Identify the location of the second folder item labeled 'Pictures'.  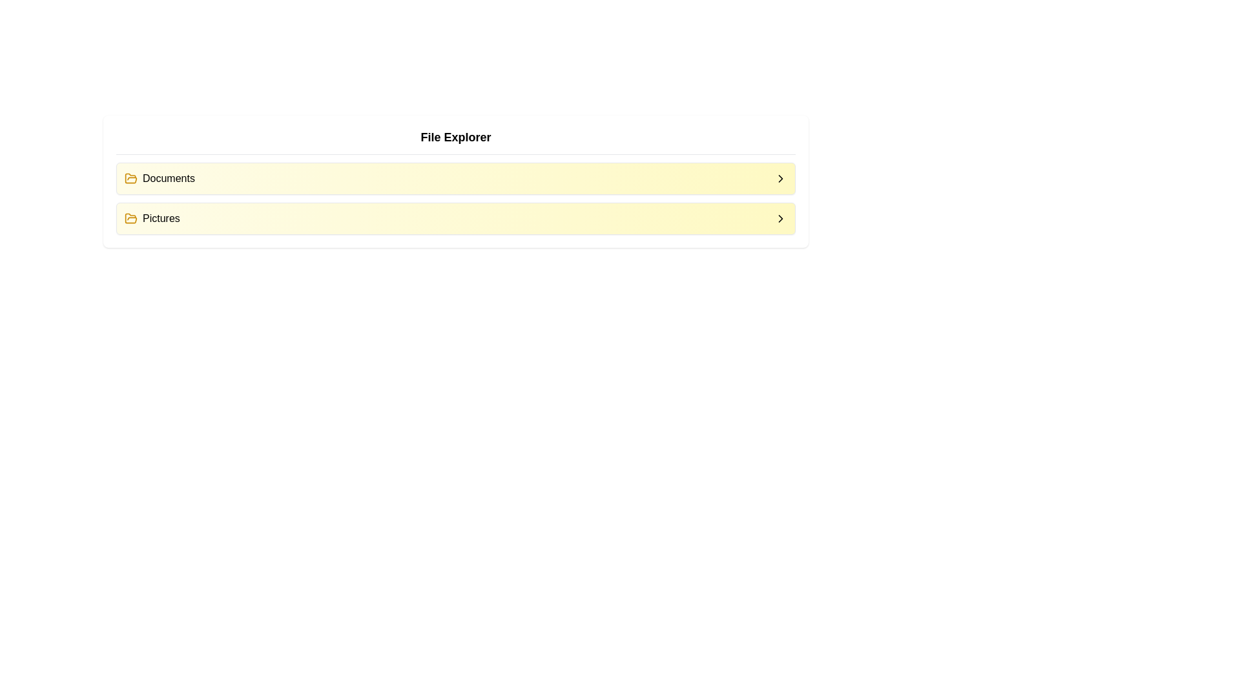
(455, 218).